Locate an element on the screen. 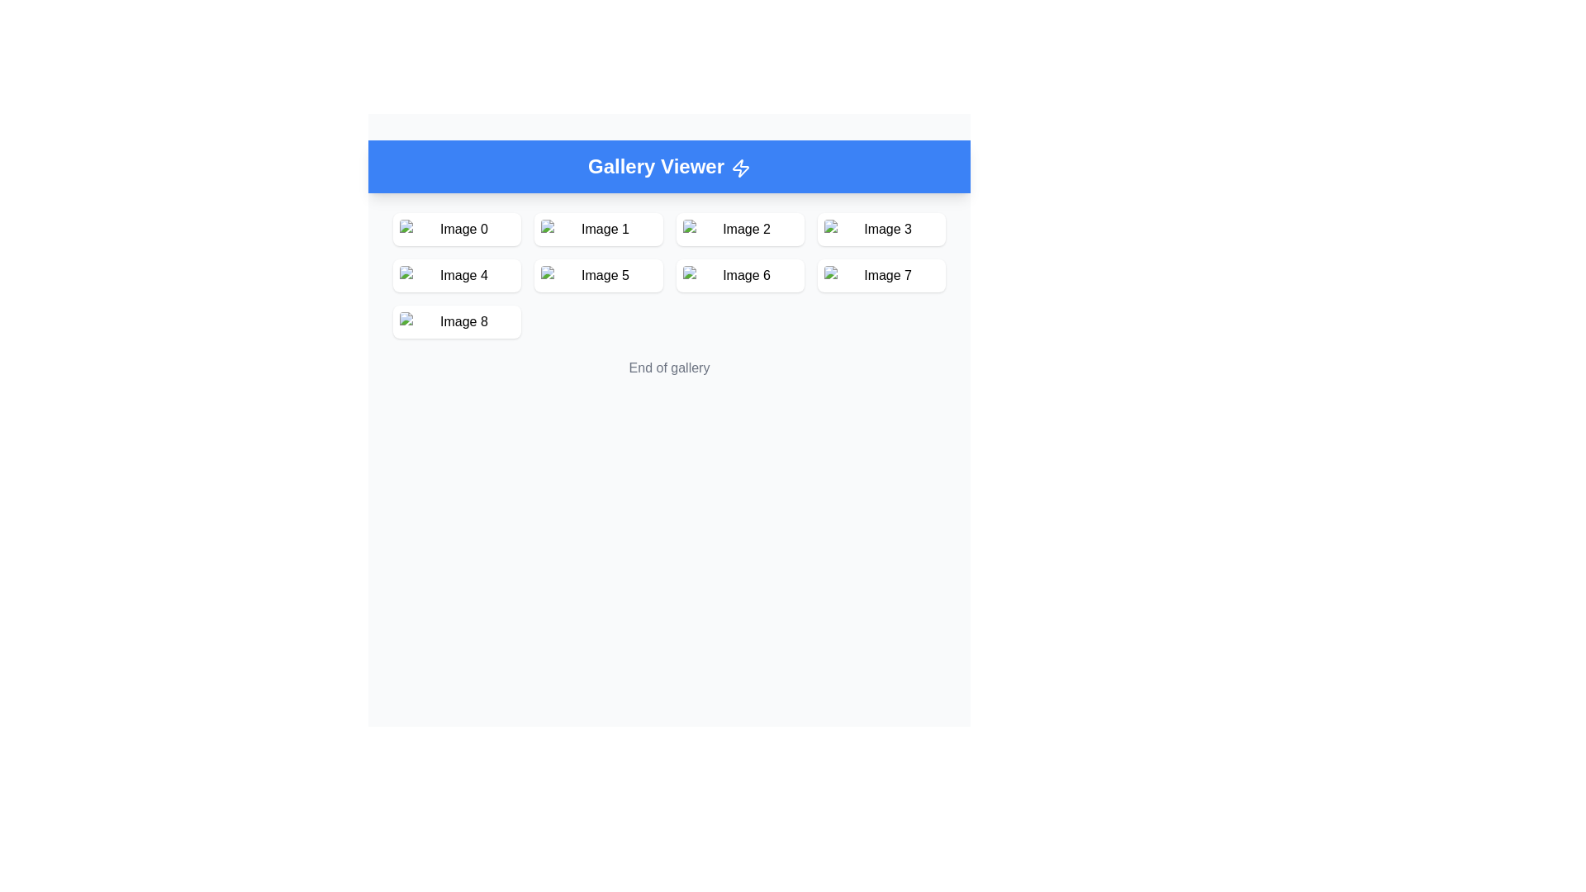  the card-like component containing an image and label is located at coordinates (739, 275).